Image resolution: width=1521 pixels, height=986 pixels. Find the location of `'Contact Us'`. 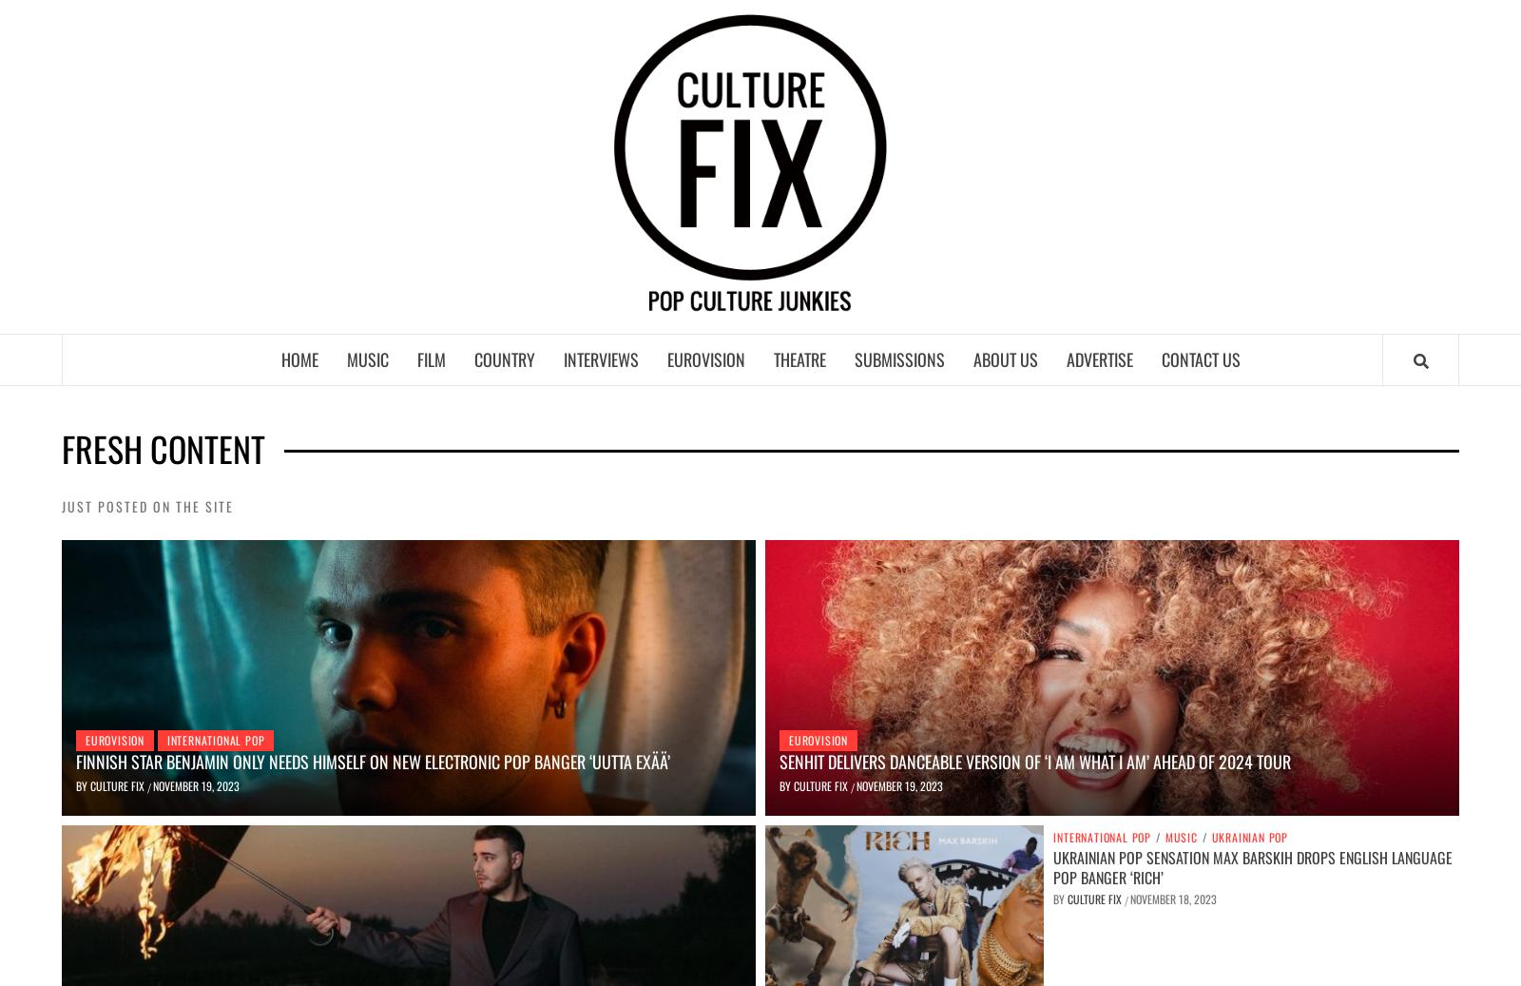

'Contact Us' is located at coordinates (1159, 358).